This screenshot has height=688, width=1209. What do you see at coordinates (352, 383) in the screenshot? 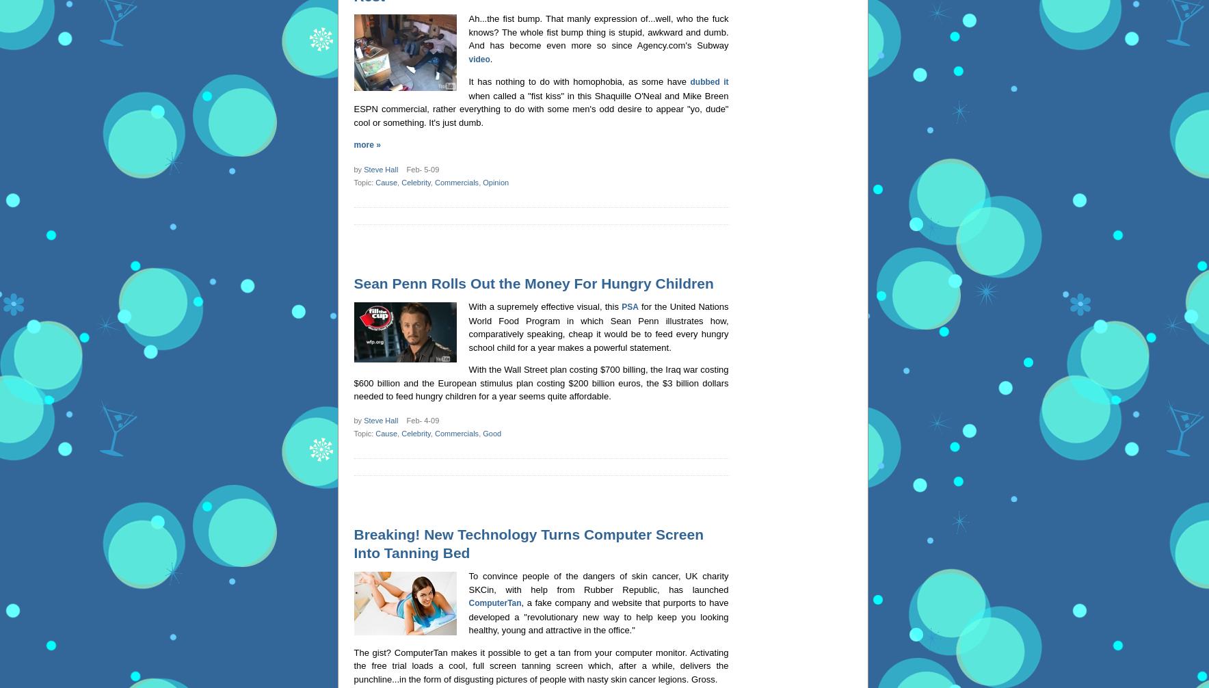
I see `'With the Wall Street plan costing $700 billing, the Iraq war costing $600 billion and the European stimulus plan costing $200 billion euros, the $3 billion dollars needed to feed hungry children for a year seems quite affordable.'` at bounding box center [352, 383].